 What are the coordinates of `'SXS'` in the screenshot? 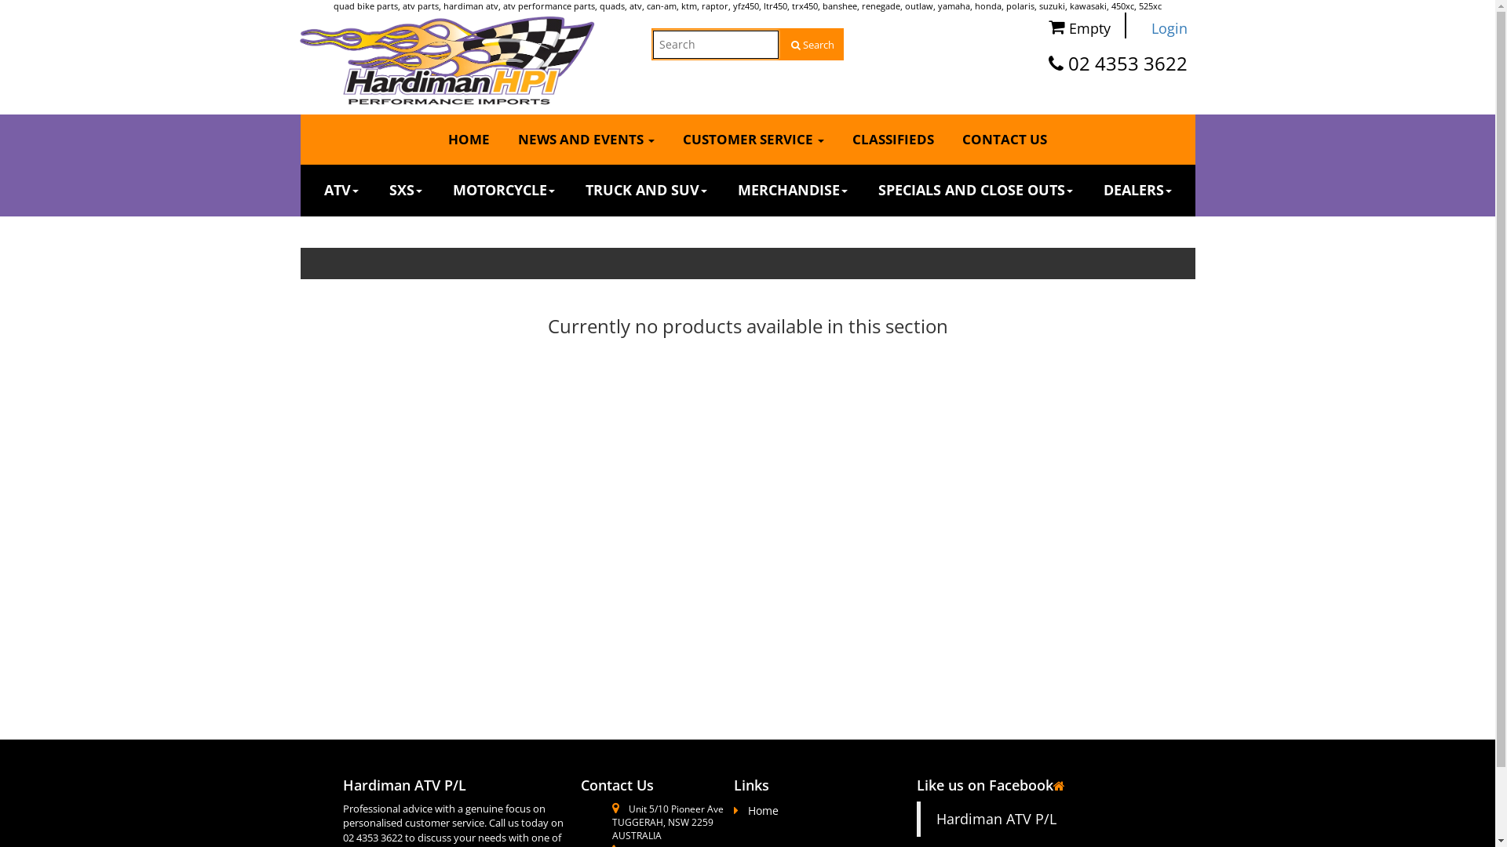 It's located at (406, 190).